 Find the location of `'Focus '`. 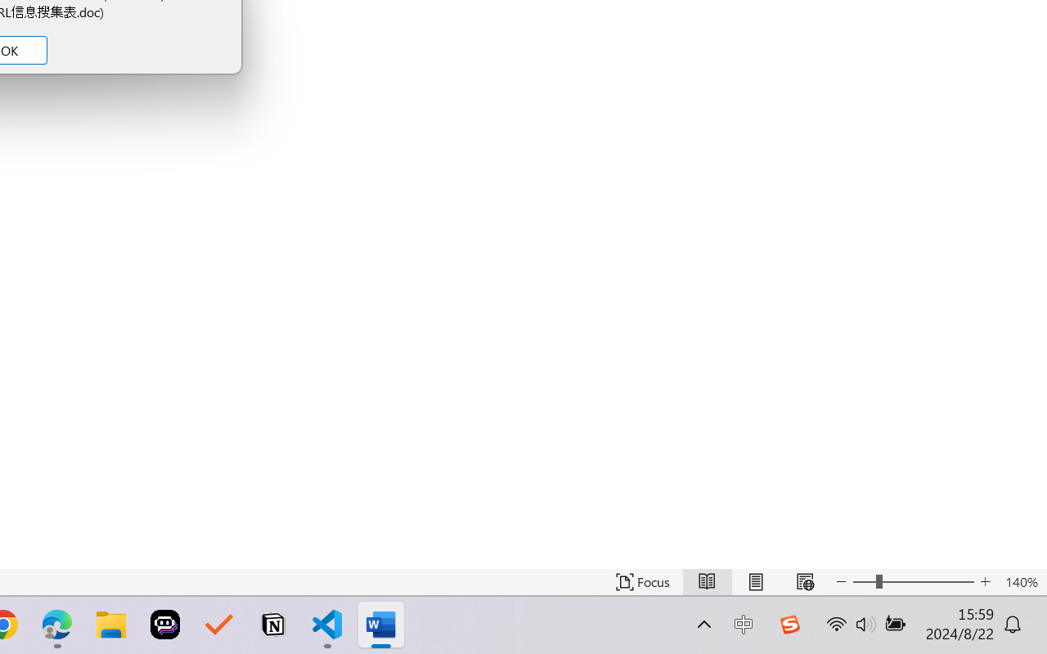

'Focus ' is located at coordinates (642, 581).